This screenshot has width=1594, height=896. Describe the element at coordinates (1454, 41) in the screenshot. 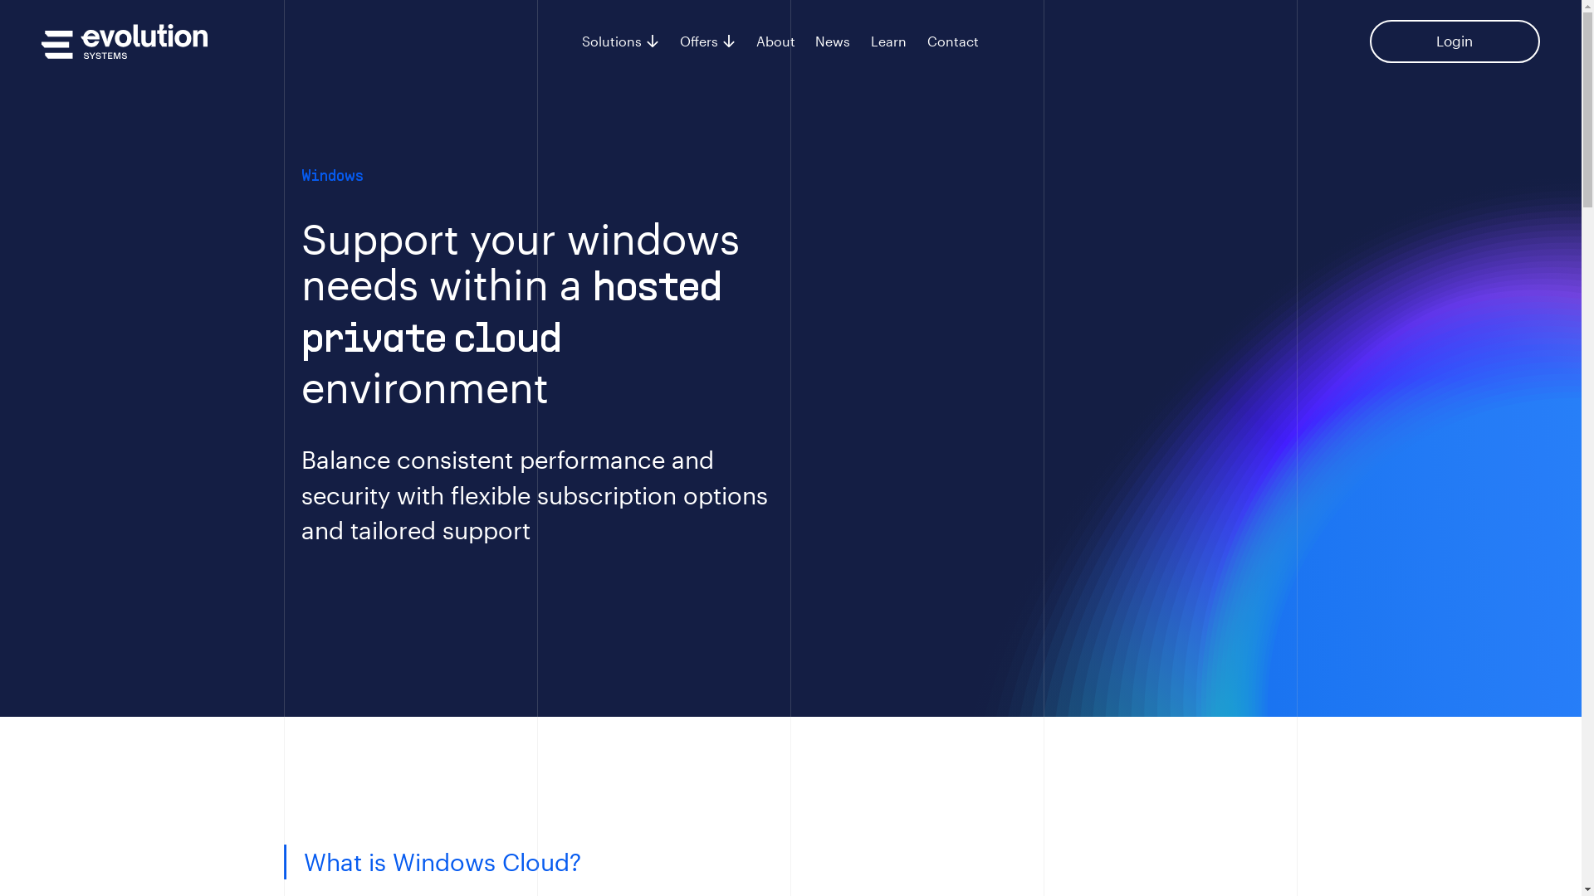

I see `'Login'` at that location.